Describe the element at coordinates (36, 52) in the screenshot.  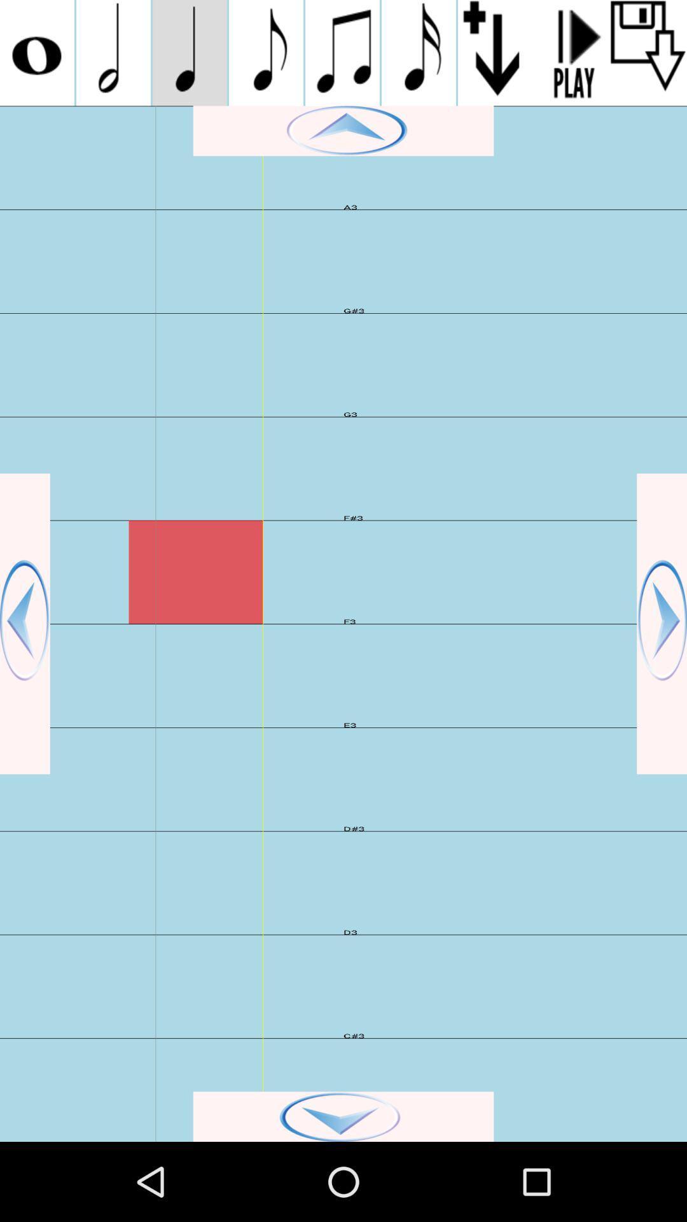
I see `whole note` at that location.